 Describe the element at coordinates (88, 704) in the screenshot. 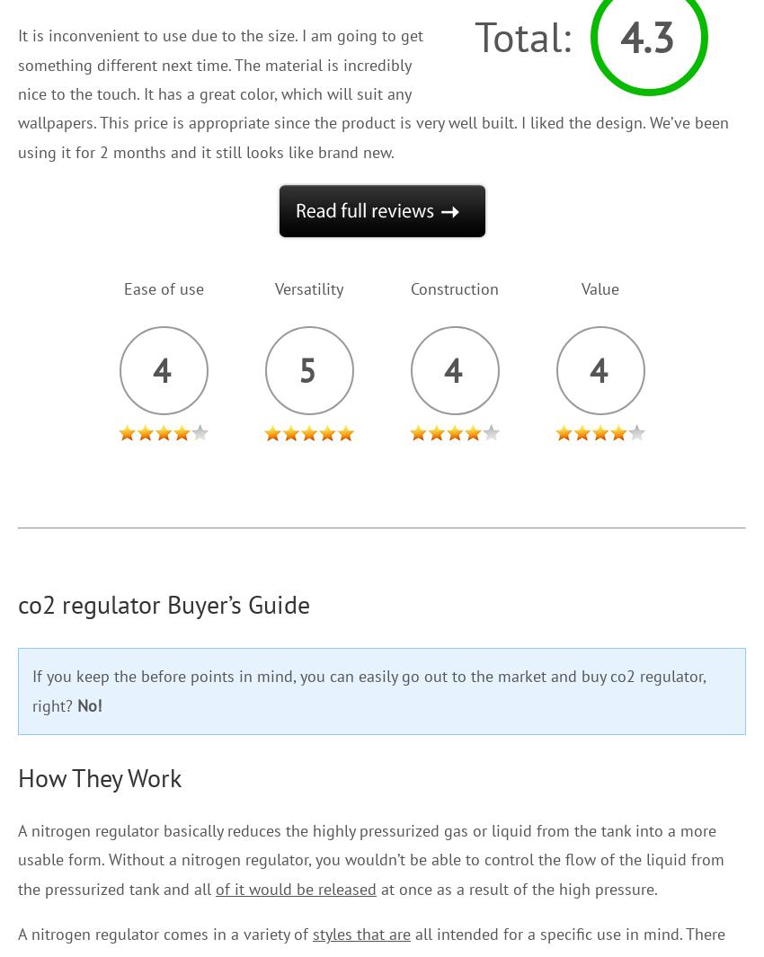

I see `'No!'` at that location.